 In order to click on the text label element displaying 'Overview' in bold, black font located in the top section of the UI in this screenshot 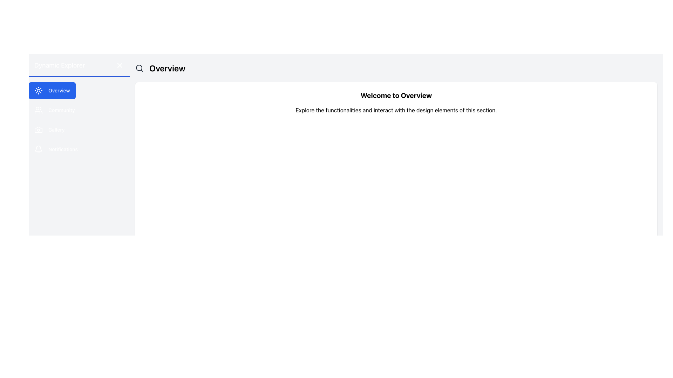, I will do `click(167, 68)`.